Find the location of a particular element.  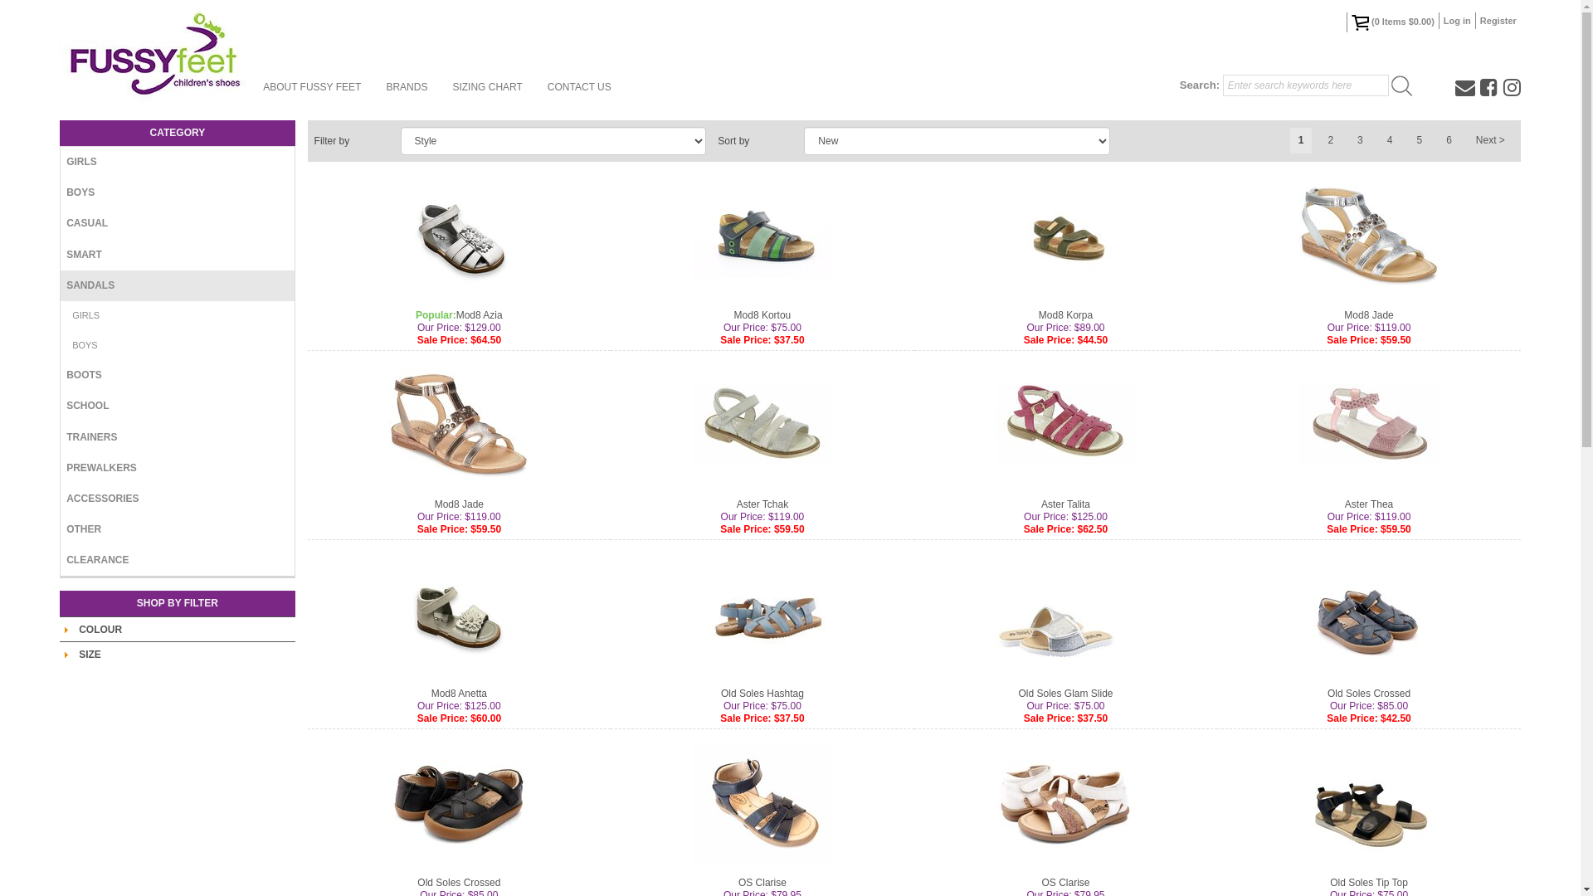

'SIZE' is located at coordinates (89, 654).